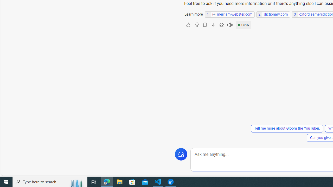  Describe the element at coordinates (204, 25) in the screenshot. I see `'Copy'` at that location.